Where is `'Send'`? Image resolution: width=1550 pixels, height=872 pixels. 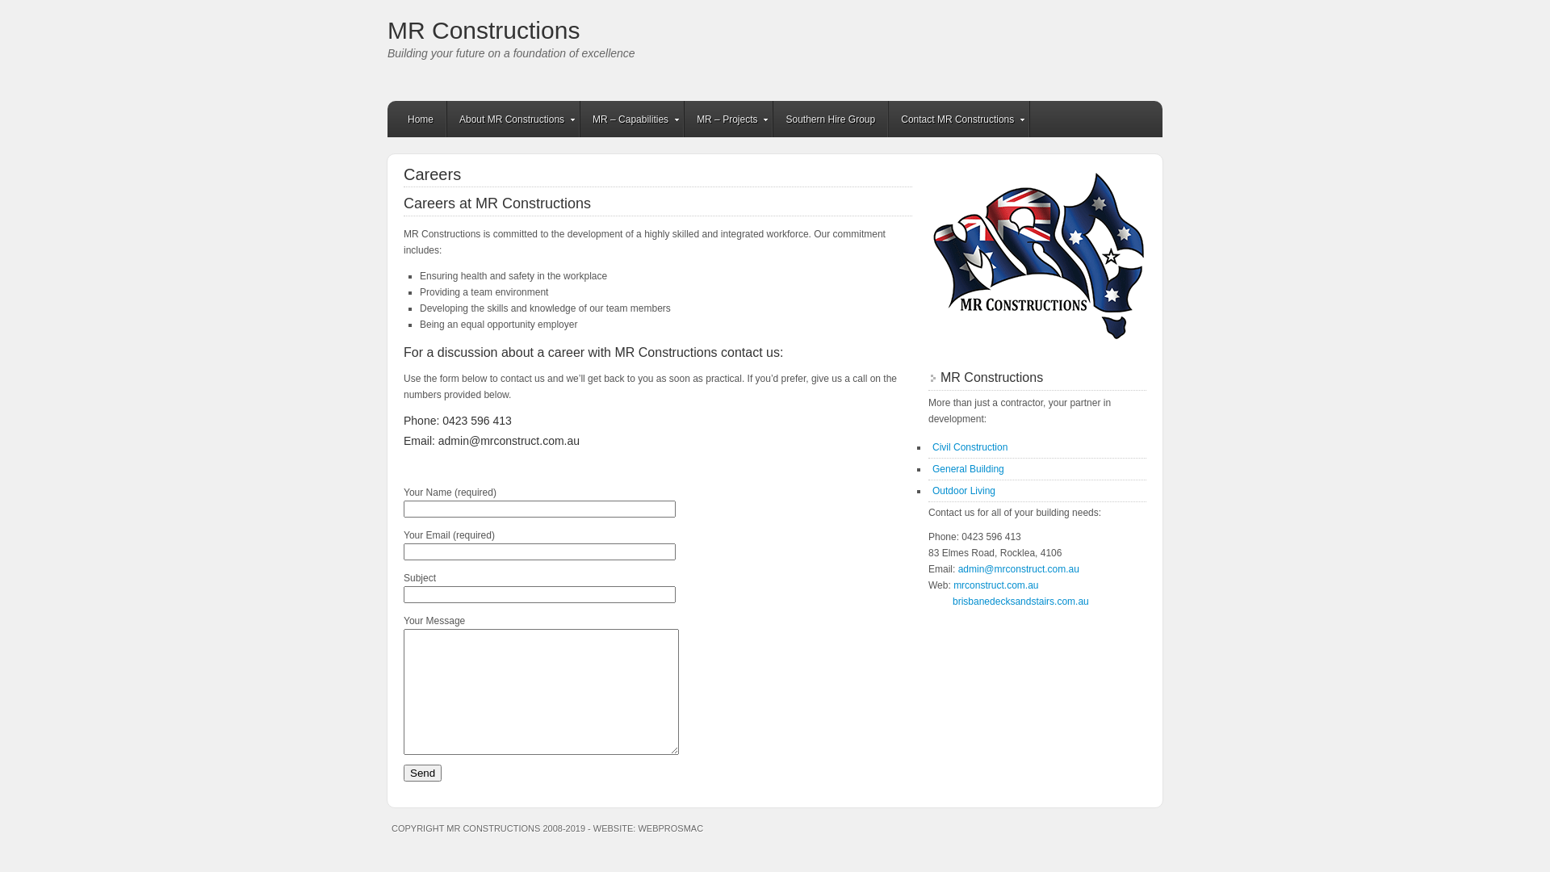
'Send' is located at coordinates (422, 772).